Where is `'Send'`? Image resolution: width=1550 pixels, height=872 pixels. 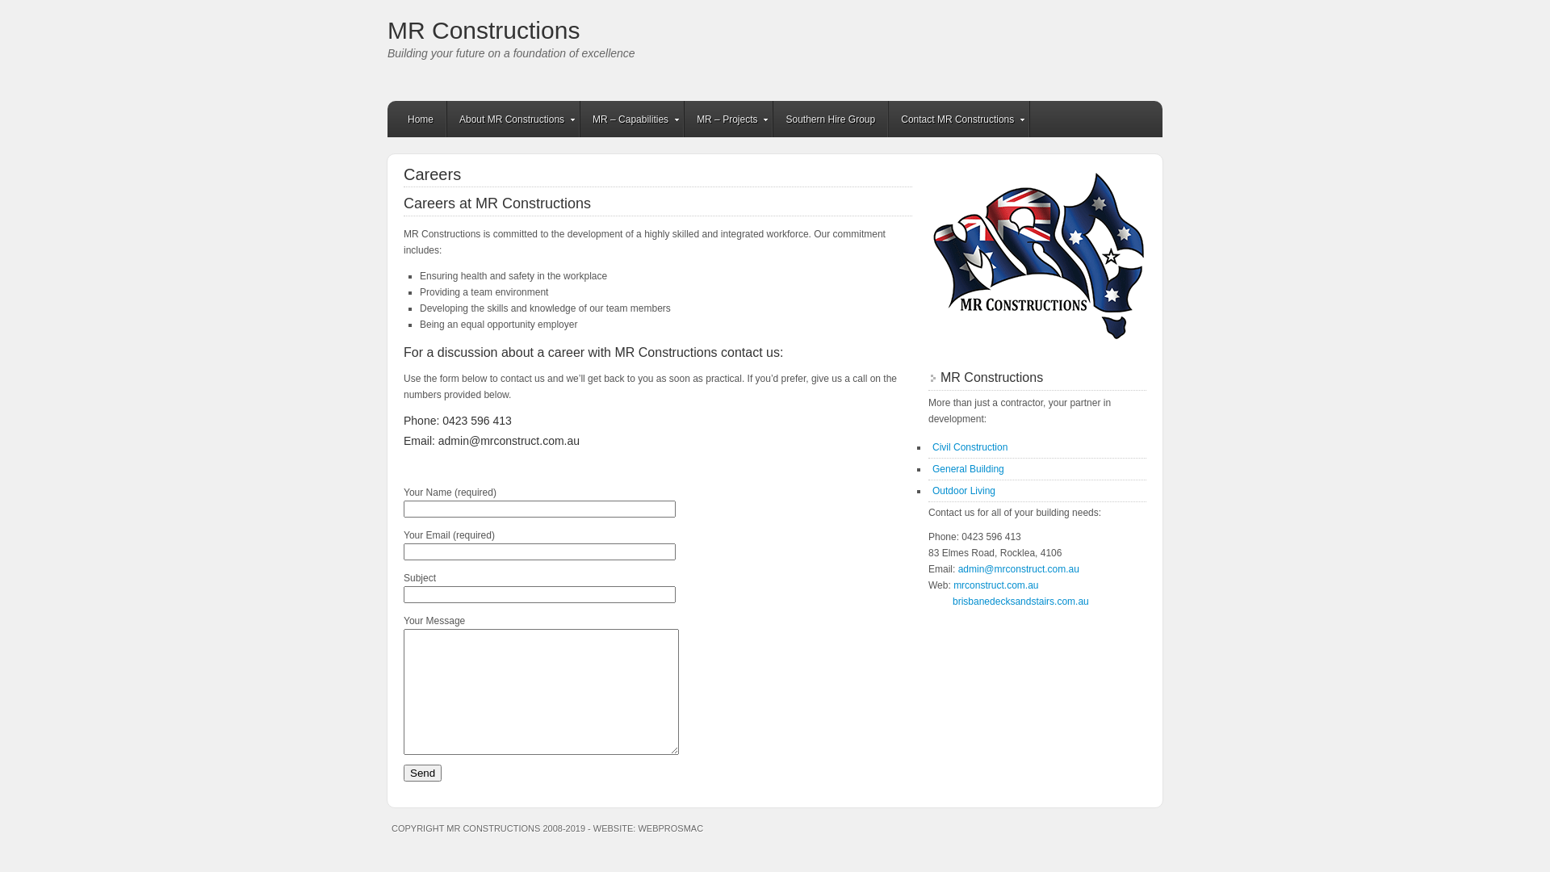
'Send' is located at coordinates (422, 772).